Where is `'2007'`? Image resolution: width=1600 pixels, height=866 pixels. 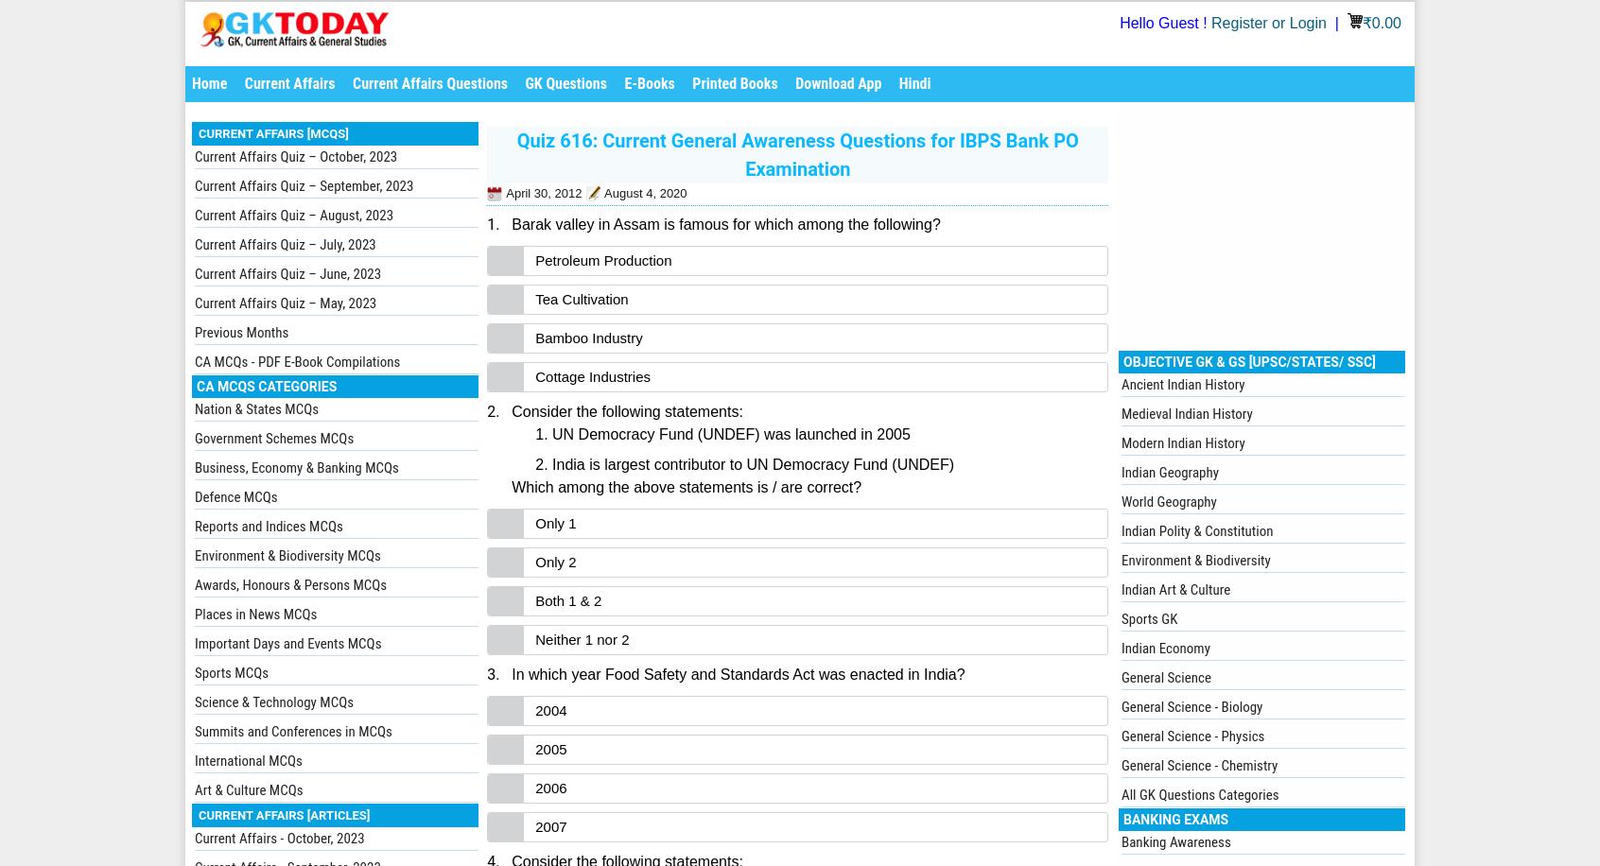
'2007' is located at coordinates (549, 825).